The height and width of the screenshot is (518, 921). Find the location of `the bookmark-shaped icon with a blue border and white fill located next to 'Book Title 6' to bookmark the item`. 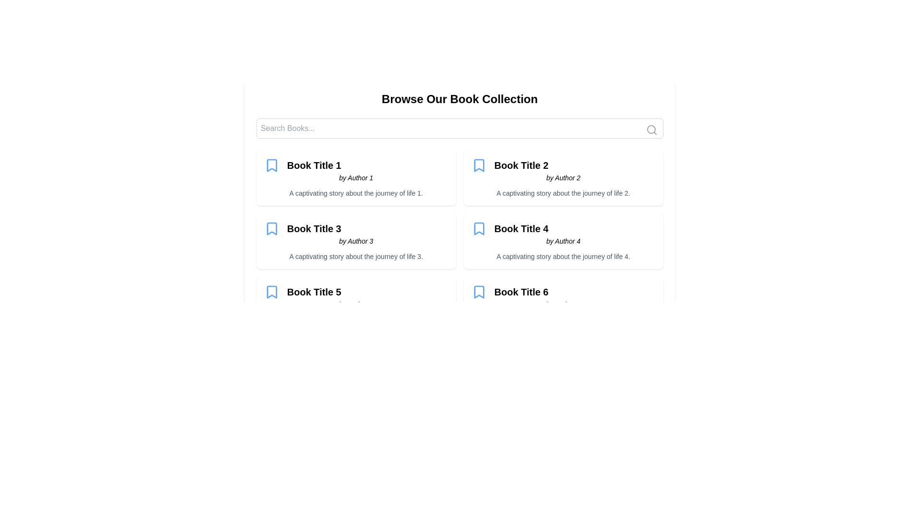

the bookmark-shaped icon with a blue border and white fill located next to 'Book Title 6' to bookmark the item is located at coordinates (479, 292).